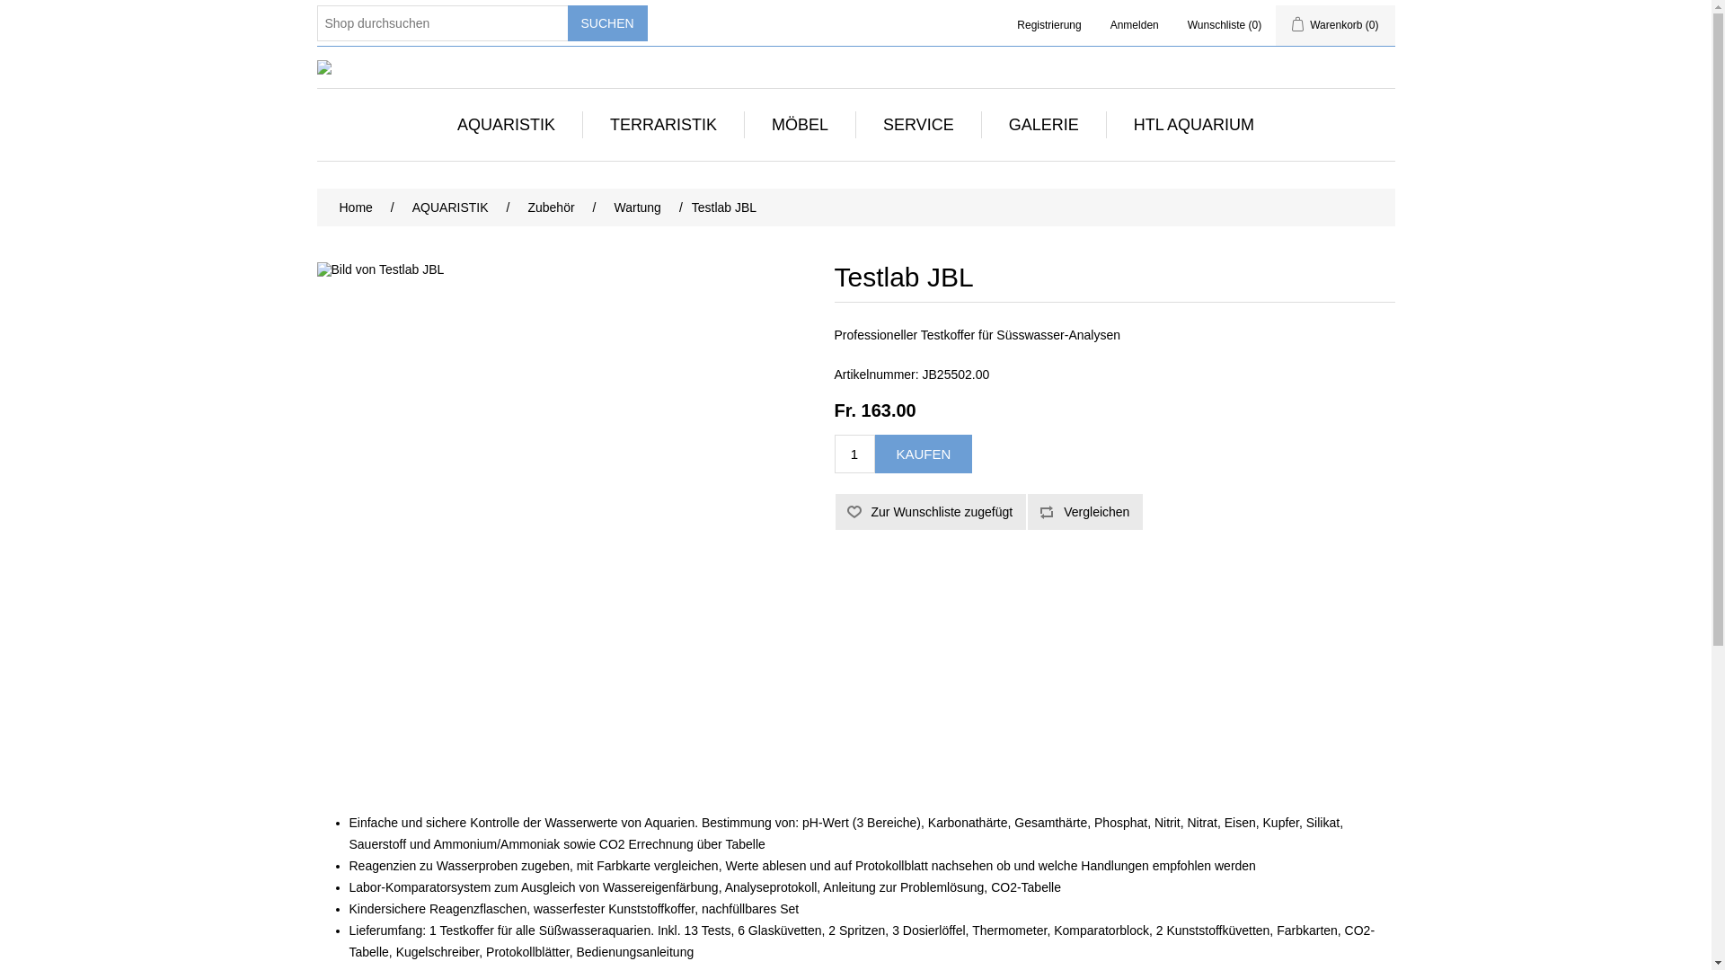 This screenshot has height=970, width=1725. Describe the element at coordinates (1335, 25) in the screenshot. I see `'Warenkorb (0)'` at that location.